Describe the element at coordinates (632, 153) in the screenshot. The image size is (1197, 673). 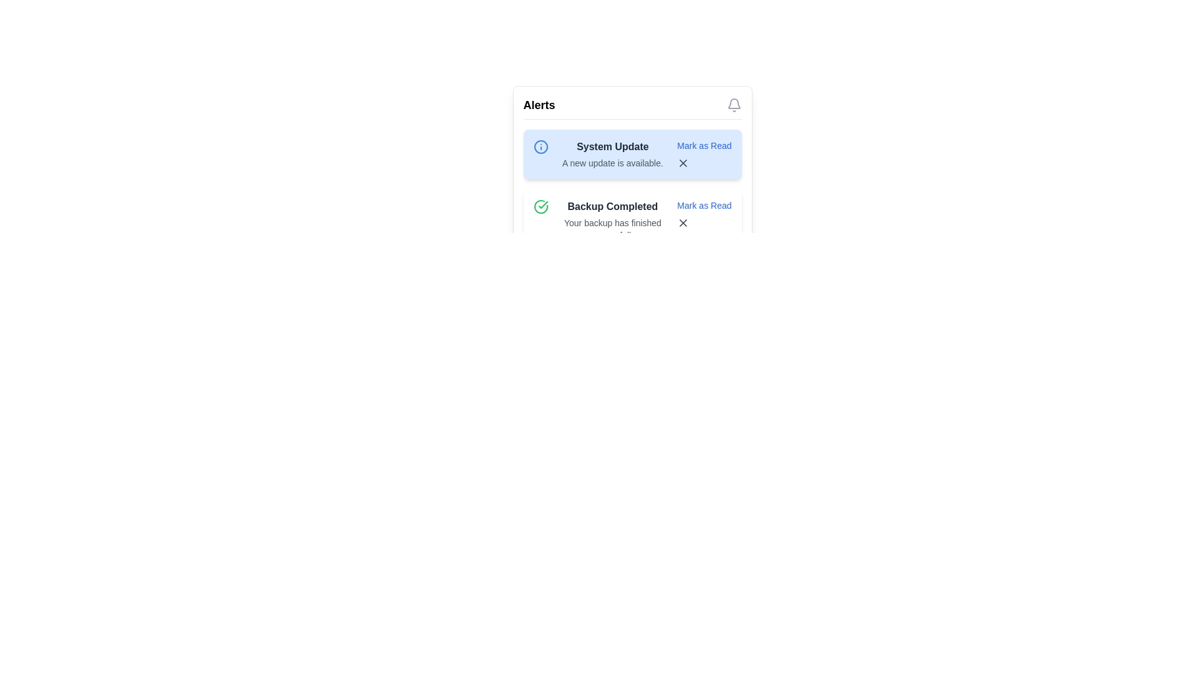
I see `the first notification card in the notifications list to read the update information provided` at that location.